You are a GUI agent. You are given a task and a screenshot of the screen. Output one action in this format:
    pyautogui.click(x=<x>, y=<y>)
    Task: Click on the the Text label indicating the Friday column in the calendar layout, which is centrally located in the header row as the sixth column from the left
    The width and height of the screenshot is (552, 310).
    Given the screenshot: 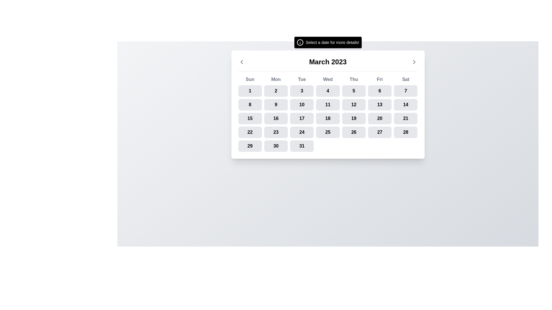 What is the action you would take?
    pyautogui.click(x=380, y=80)
    